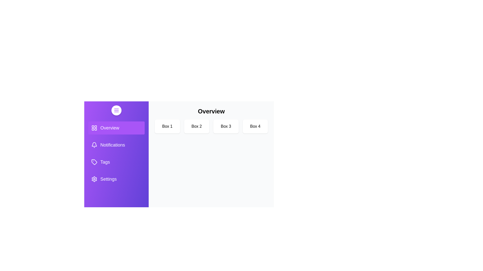 Image resolution: width=483 pixels, height=271 pixels. What do you see at coordinates (116, 127) in the screenshot?
I see `the sidebar tab Overview` at bounding box center [116, 127].